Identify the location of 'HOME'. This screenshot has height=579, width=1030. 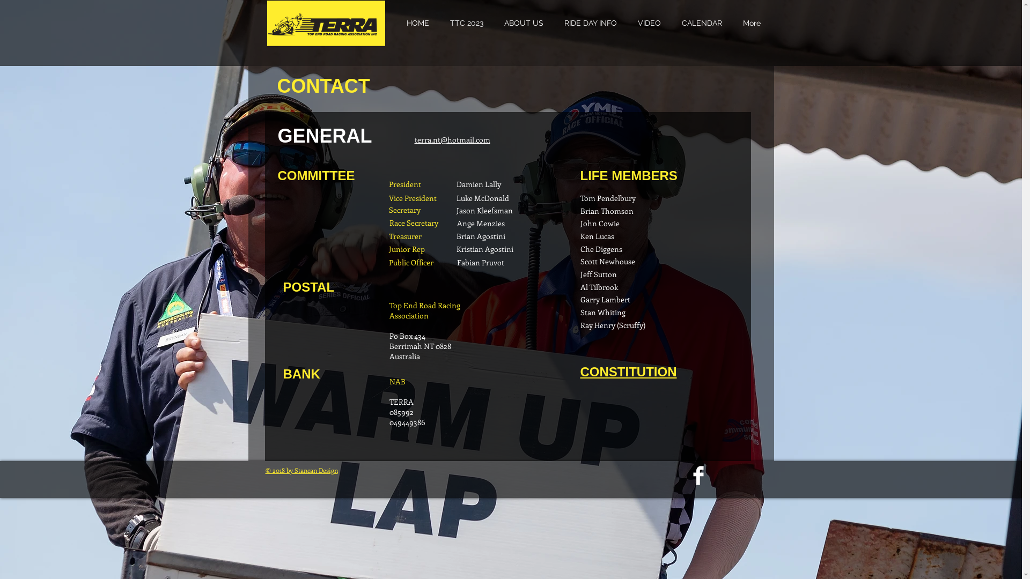
(417, 23).